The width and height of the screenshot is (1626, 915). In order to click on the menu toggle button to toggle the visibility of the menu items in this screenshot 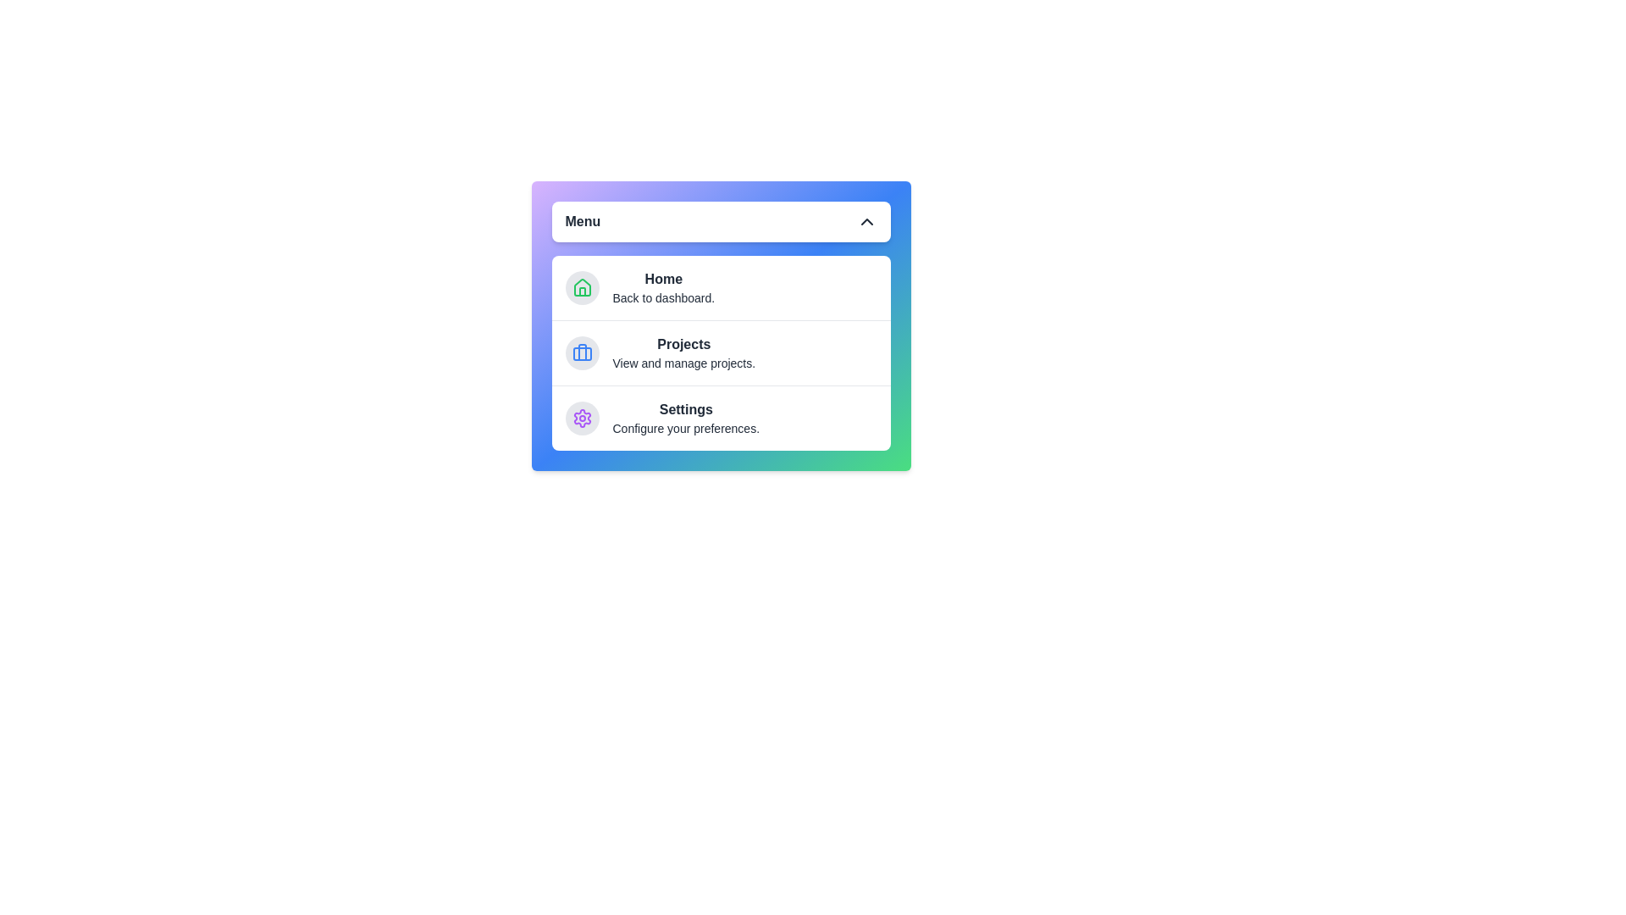, I will do `click(721, 221)`.